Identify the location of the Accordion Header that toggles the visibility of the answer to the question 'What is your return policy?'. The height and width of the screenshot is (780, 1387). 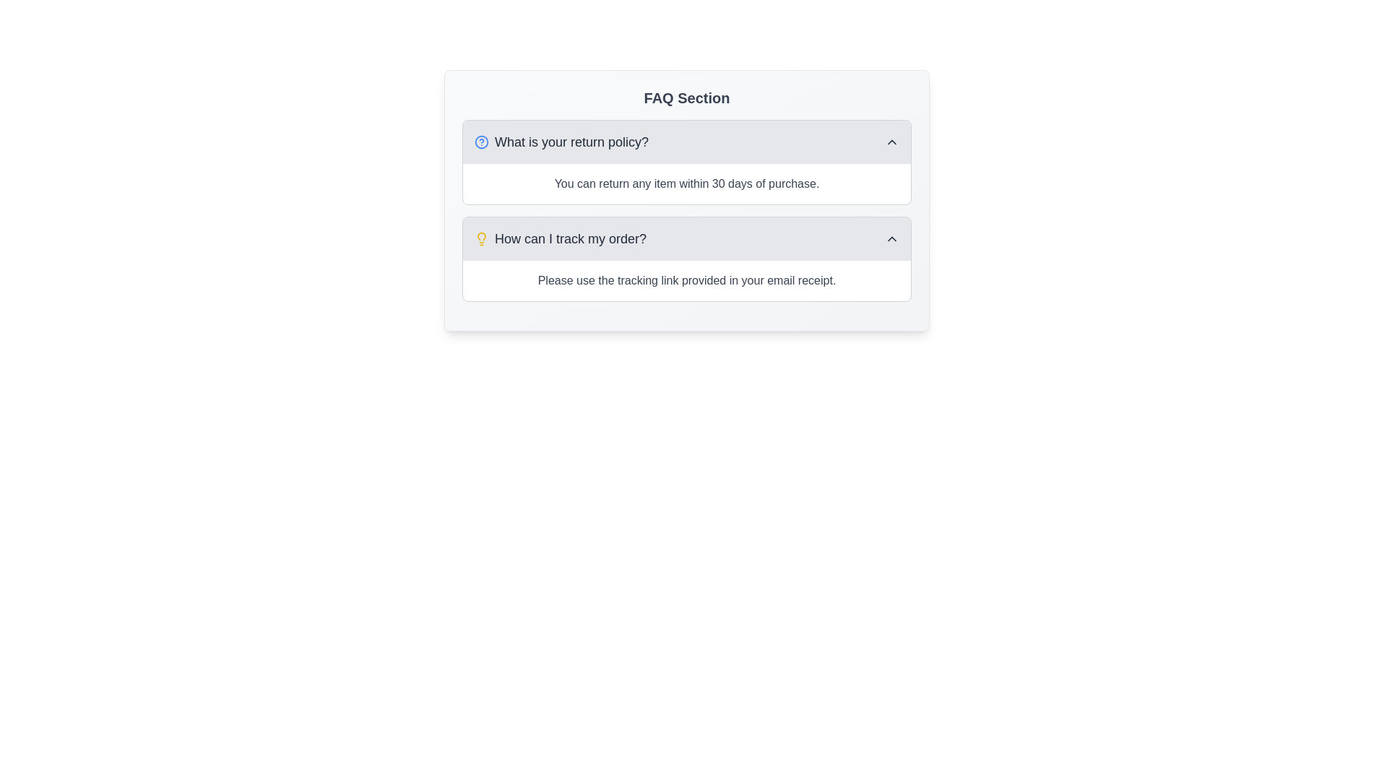
(686, 142).